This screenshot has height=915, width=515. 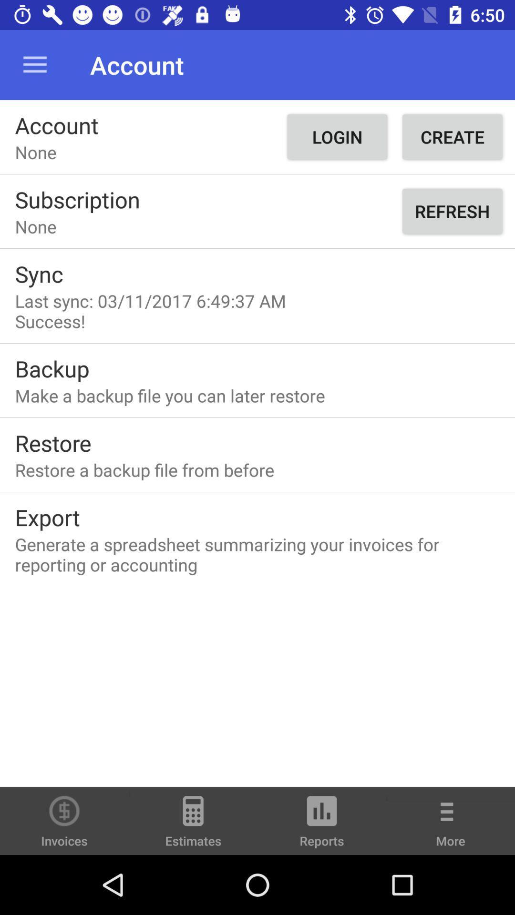 What do you see at coordinates (451, 827) in the screenshot?
I see `the more option from the bottom right` at bounding box center [451, 827].